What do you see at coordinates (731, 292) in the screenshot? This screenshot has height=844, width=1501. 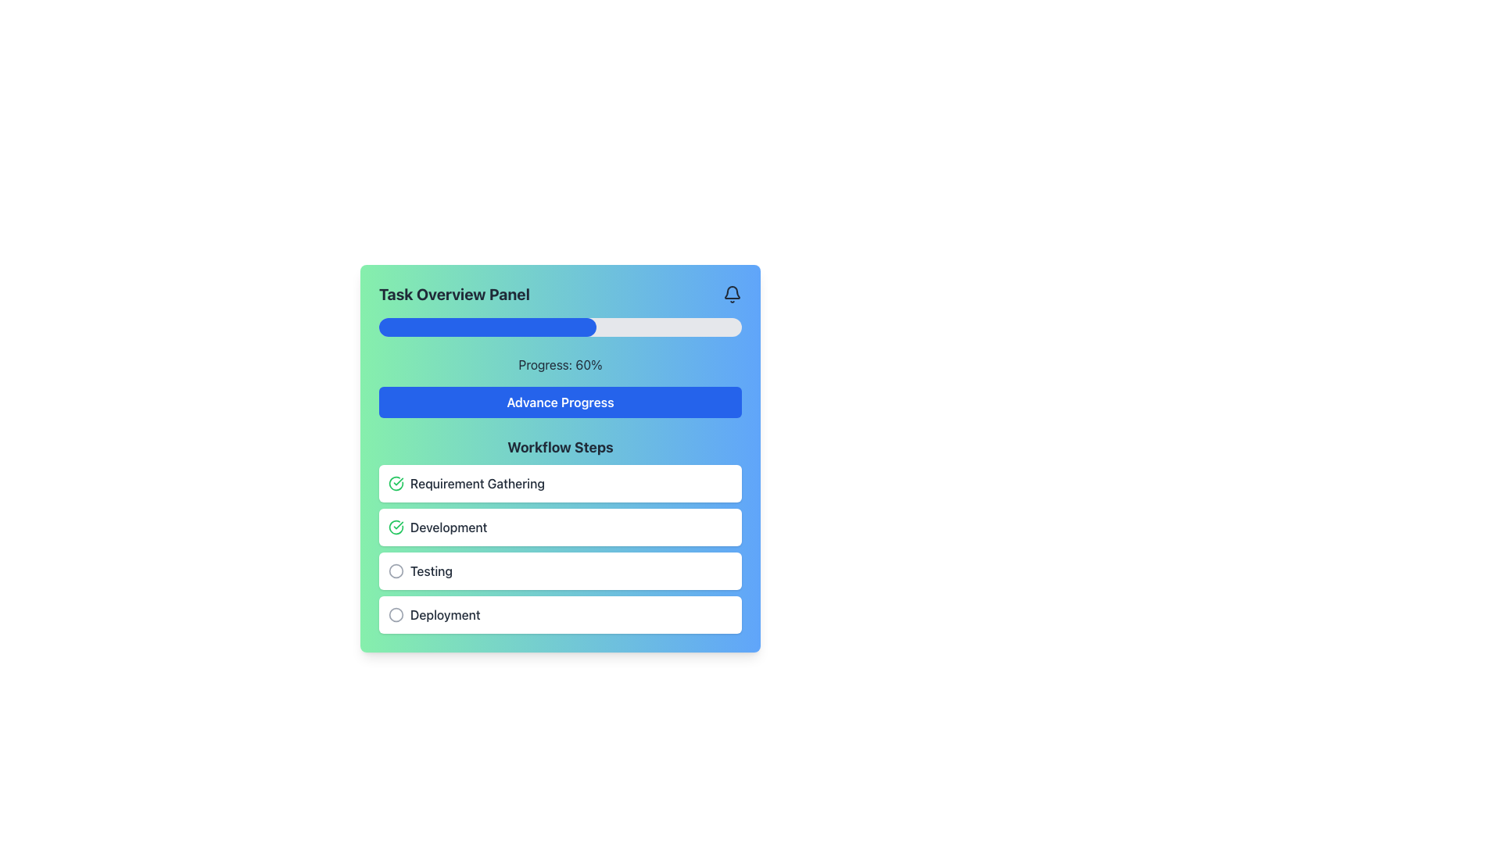 I see `the bell icon in the top-right corner of the panel, which serves as a visual indicator for notifications or alerts` at bounding box center [731, 292].